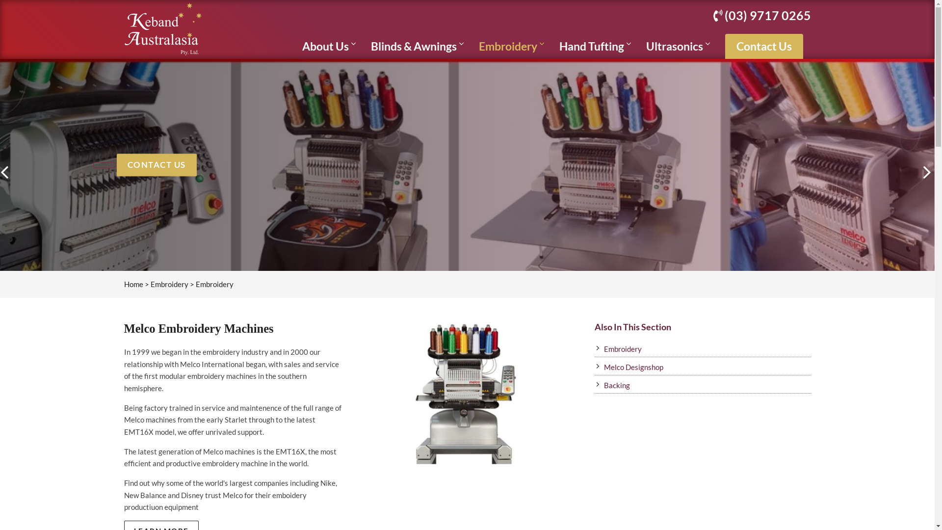 The width and height of the screenshot is (942, 530). Describe the element at coordinates (117, 164) in the screenshot. I see `'CONTACT US'` at that location.